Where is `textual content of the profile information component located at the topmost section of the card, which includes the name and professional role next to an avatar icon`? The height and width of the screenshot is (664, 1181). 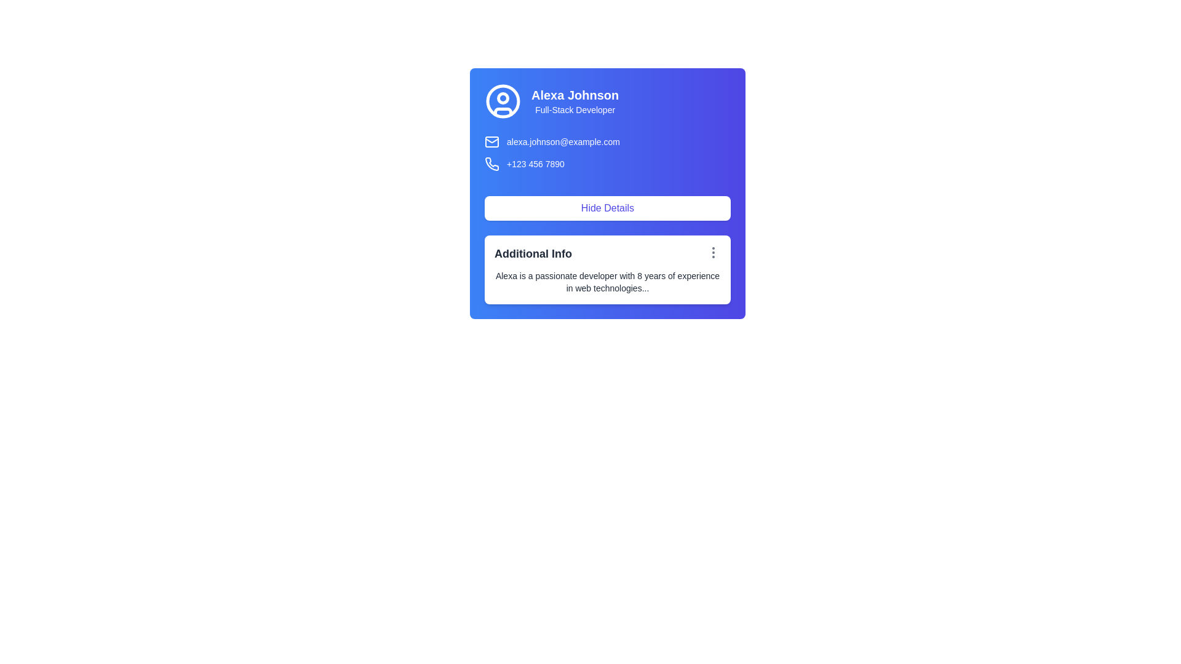 textual content of the profile information component located at the topmost section of the card, which includes the name and professional role next to an avatar icon is located at coordinates (608, 101).